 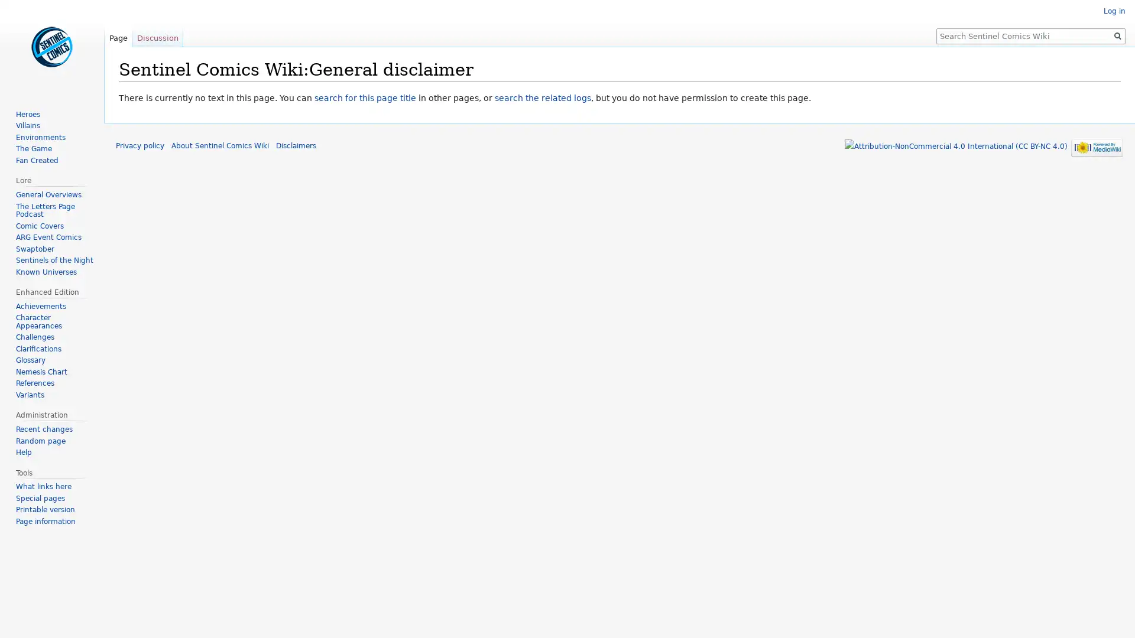 What do you see at coordinates (1117, 35) in the screenshot?
I see `Go` at bounding box center [1117, 35].